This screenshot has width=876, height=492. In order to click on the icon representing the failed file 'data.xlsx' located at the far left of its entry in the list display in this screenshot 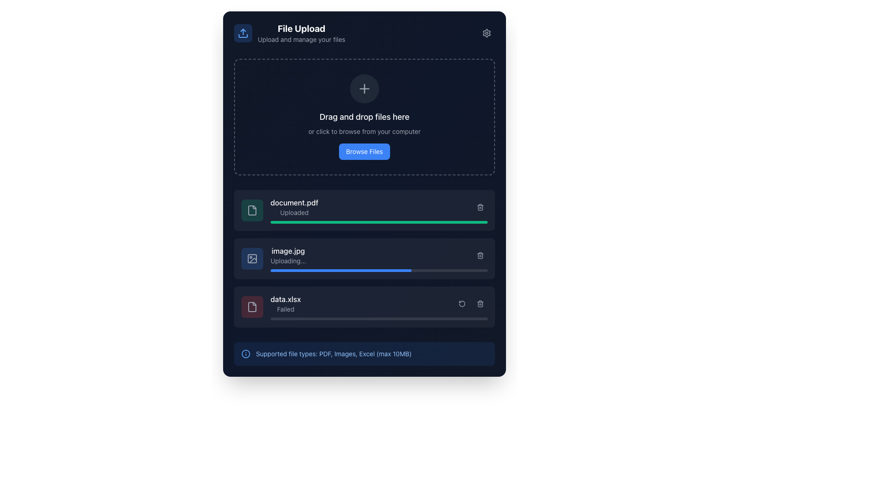, I will do `click(252, 307)`.